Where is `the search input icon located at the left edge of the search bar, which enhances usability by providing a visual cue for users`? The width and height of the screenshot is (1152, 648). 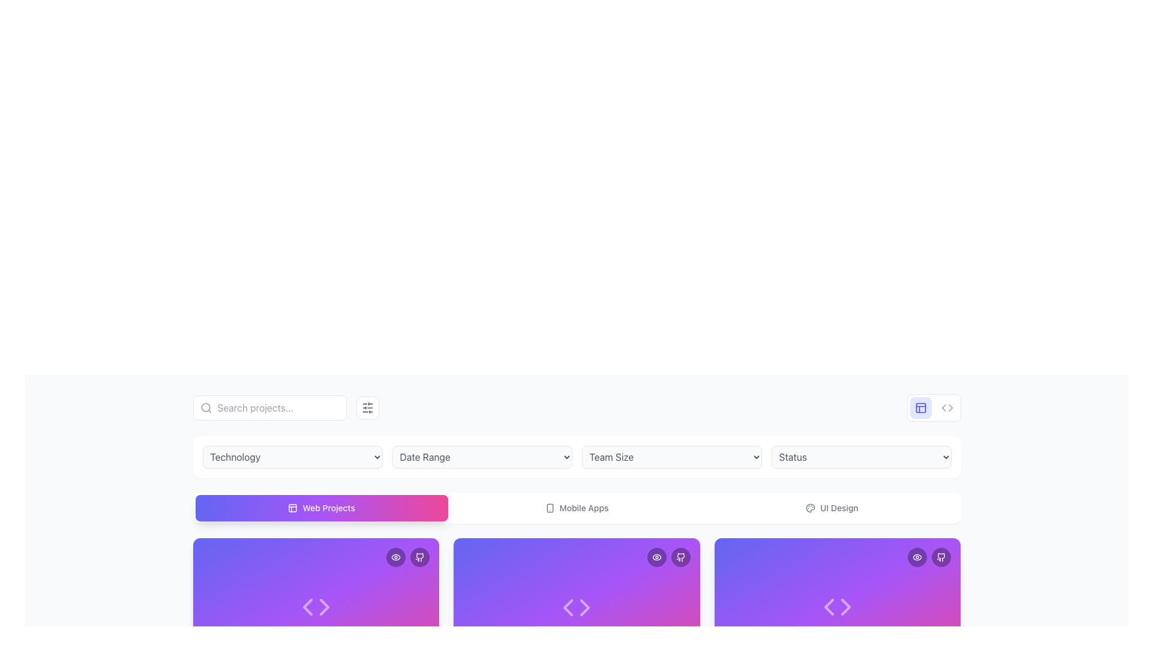
the search input icon located at the left edge of the search bar, which enhances usability by providing a visual cue for users is located at coordinates (206, 407).